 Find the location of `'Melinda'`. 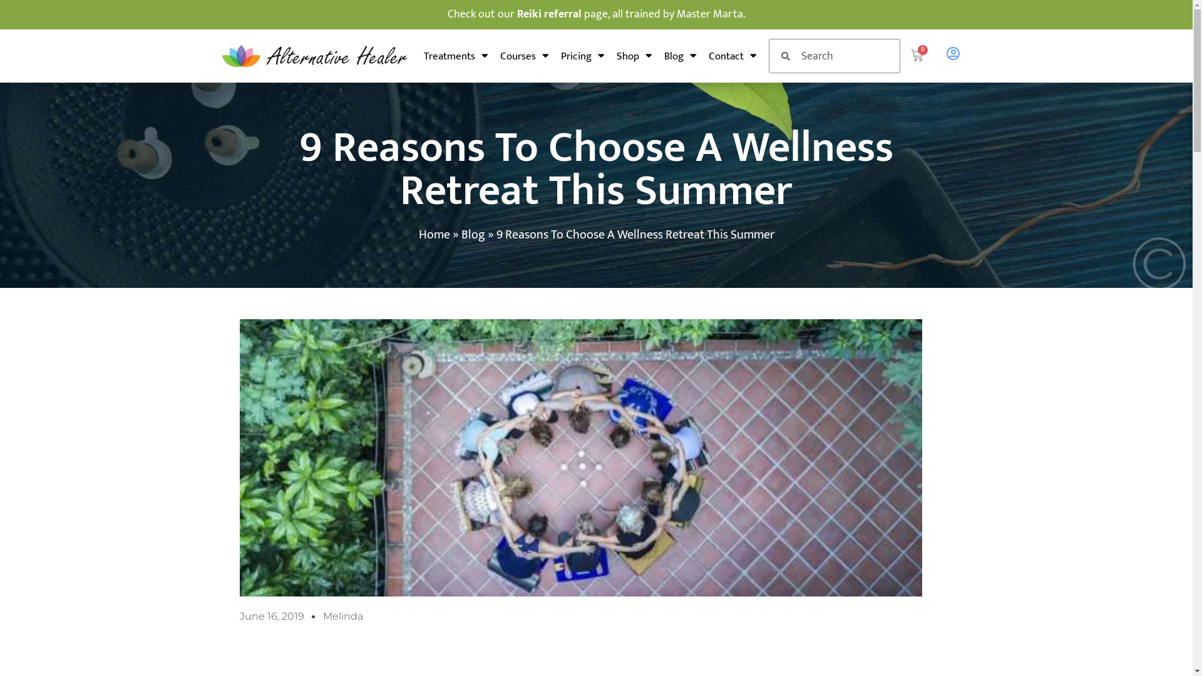

'Melinda' is located at coordinates (342, 615).